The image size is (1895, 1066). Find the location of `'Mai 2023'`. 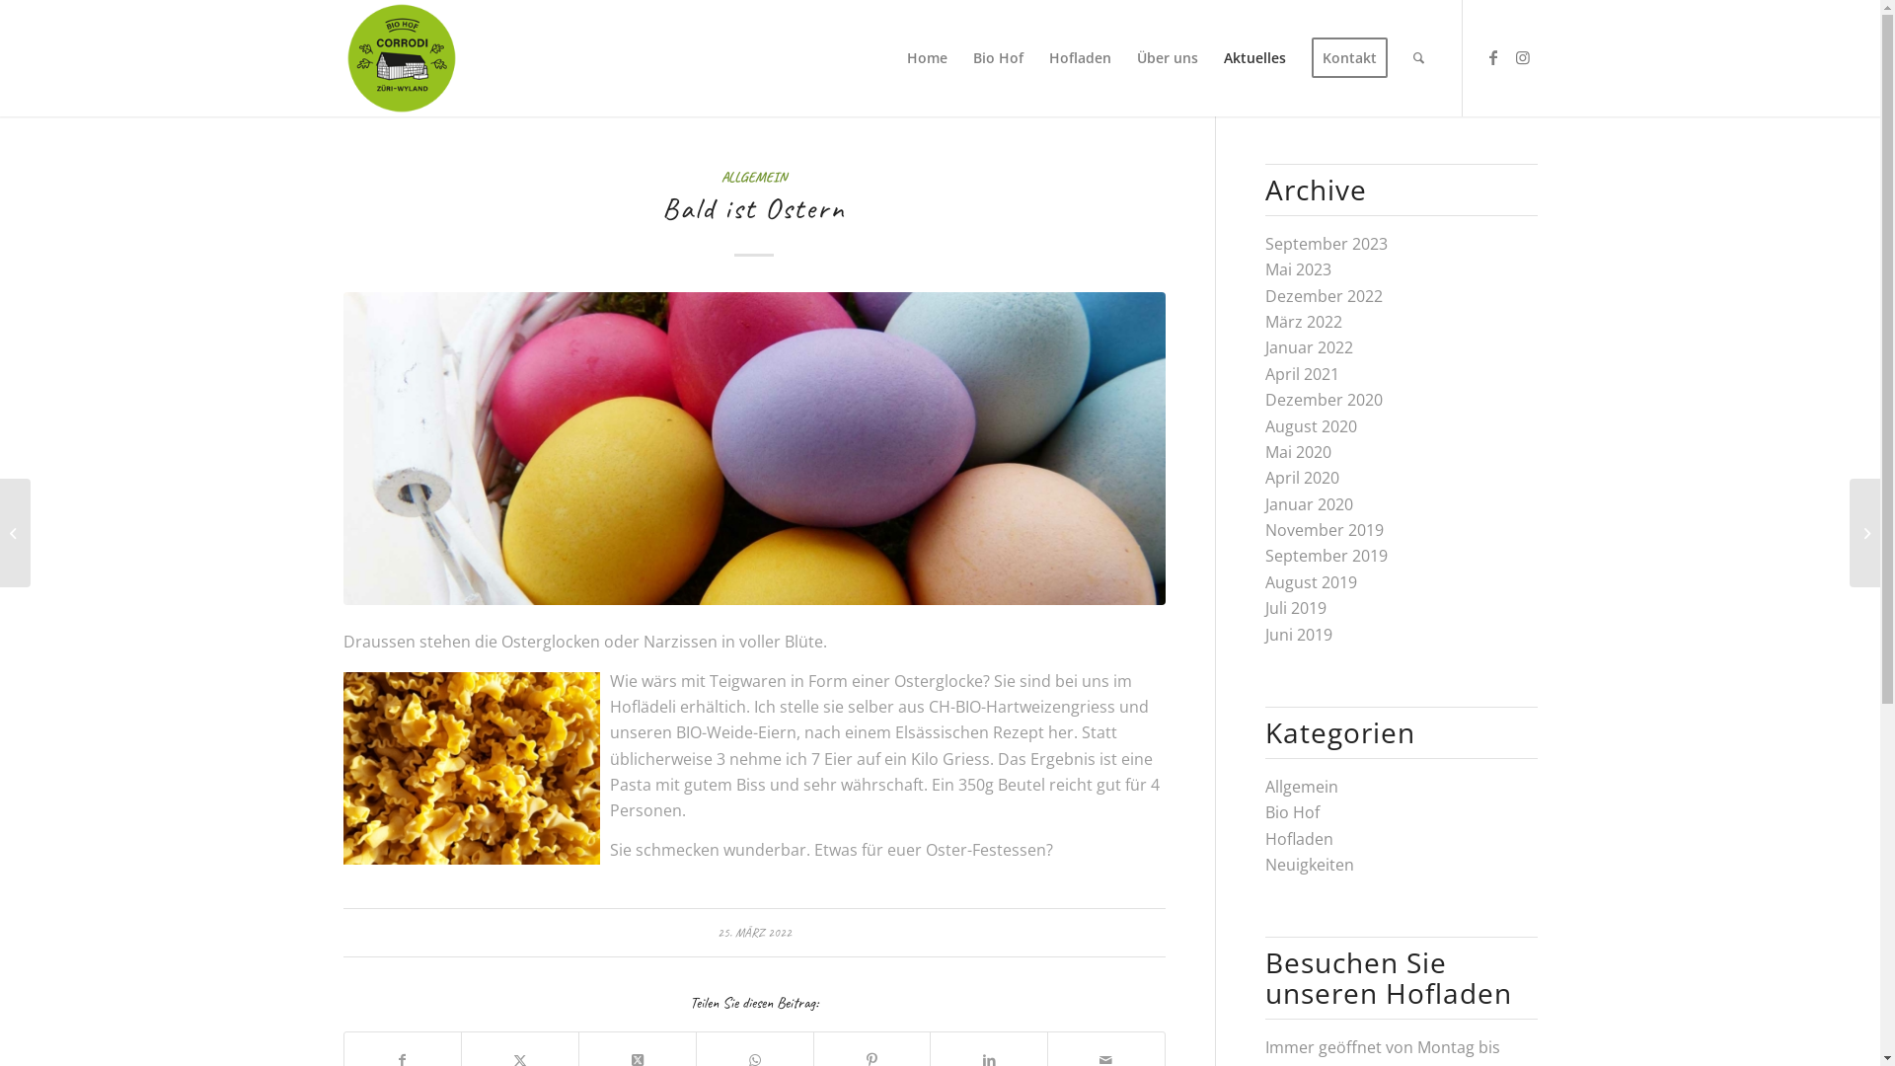

'Mai 2023' is located at coordinates (1298, 269).